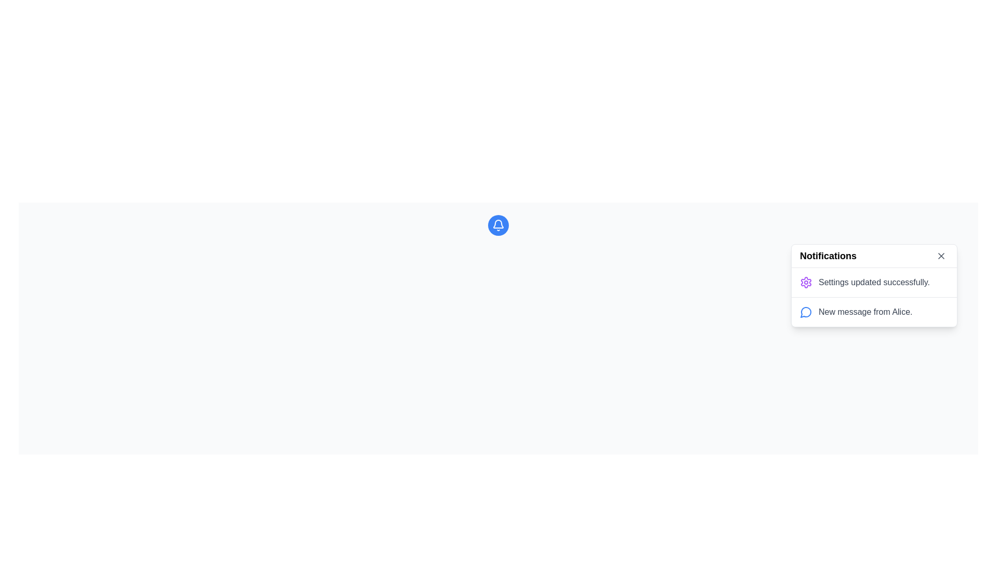 The height and width of the screenshot is (561, 998). What do you see at coordinates (941, 256) in the screenshot?
I see `the close button located at the far right end of the notification bar` at bounding box center [941, 256].